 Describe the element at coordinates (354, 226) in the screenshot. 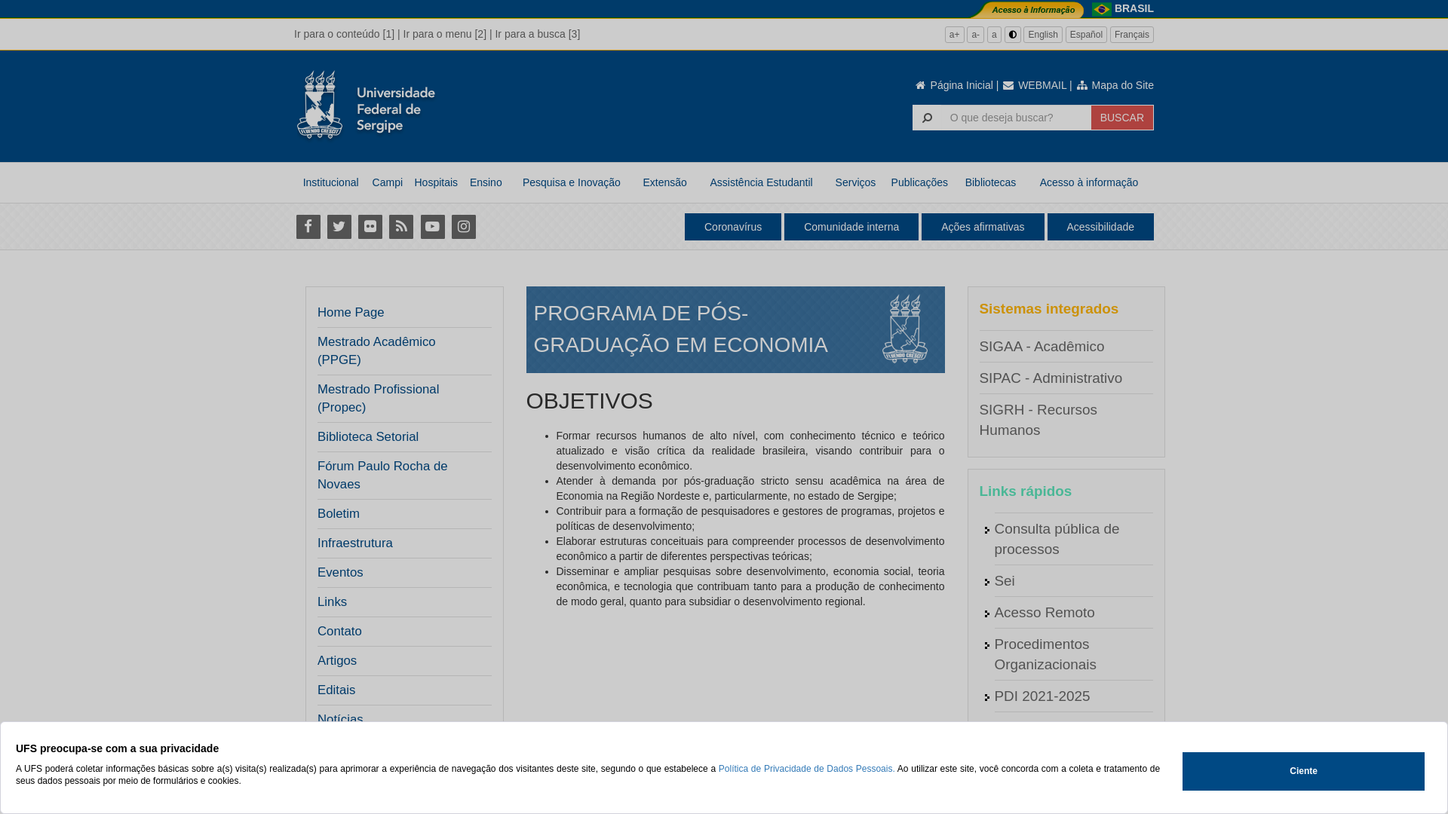

I see `'Flickr'` at that location.